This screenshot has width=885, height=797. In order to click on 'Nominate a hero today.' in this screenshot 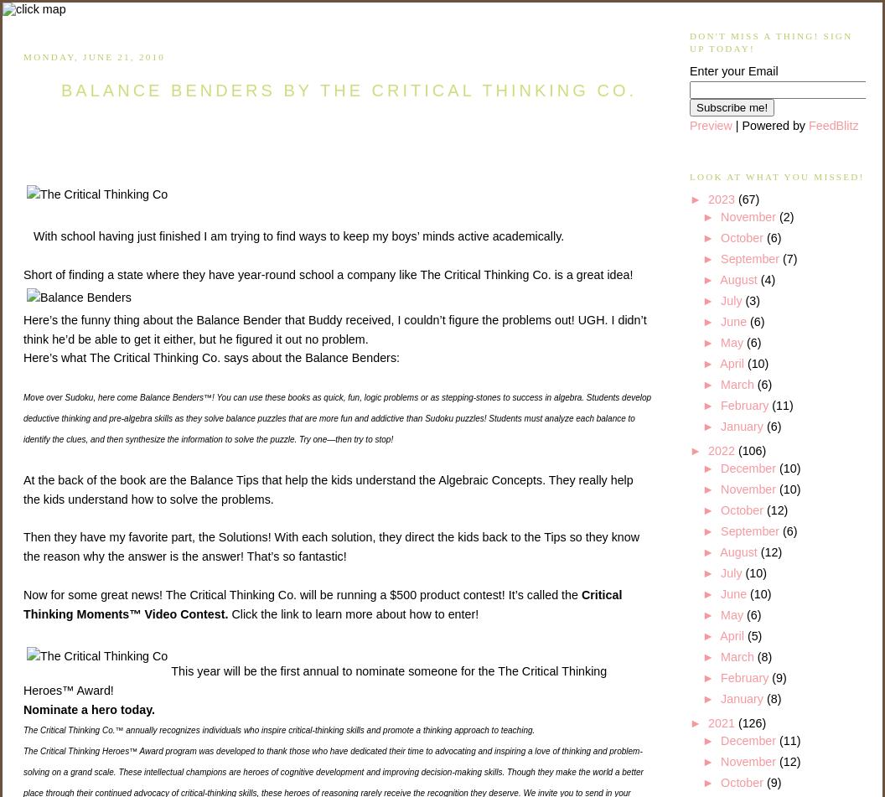, I will do `click(23, 708)`.